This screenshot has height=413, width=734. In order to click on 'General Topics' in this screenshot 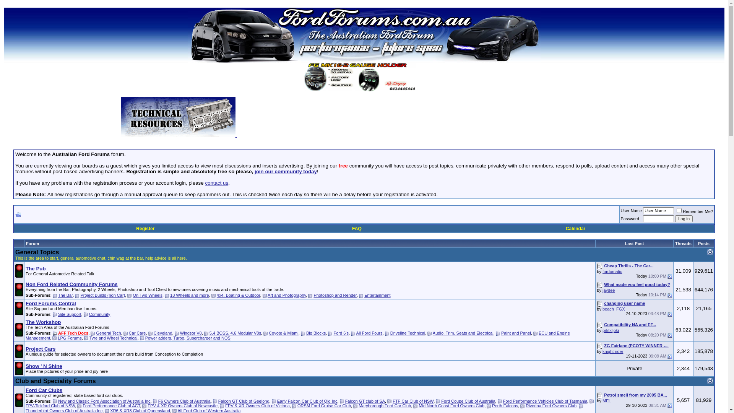, I will do `click(36, 252)`.